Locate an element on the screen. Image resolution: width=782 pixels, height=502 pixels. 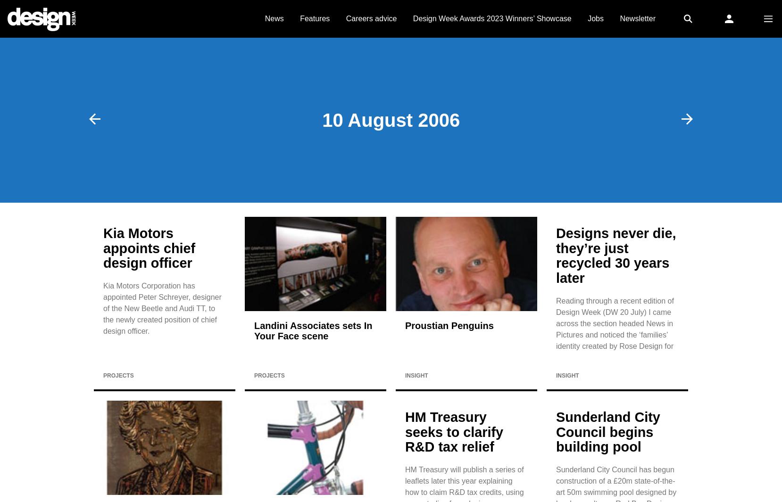
'Landini Associates sets In Your Face scene' is located at coordinates (313, 331).